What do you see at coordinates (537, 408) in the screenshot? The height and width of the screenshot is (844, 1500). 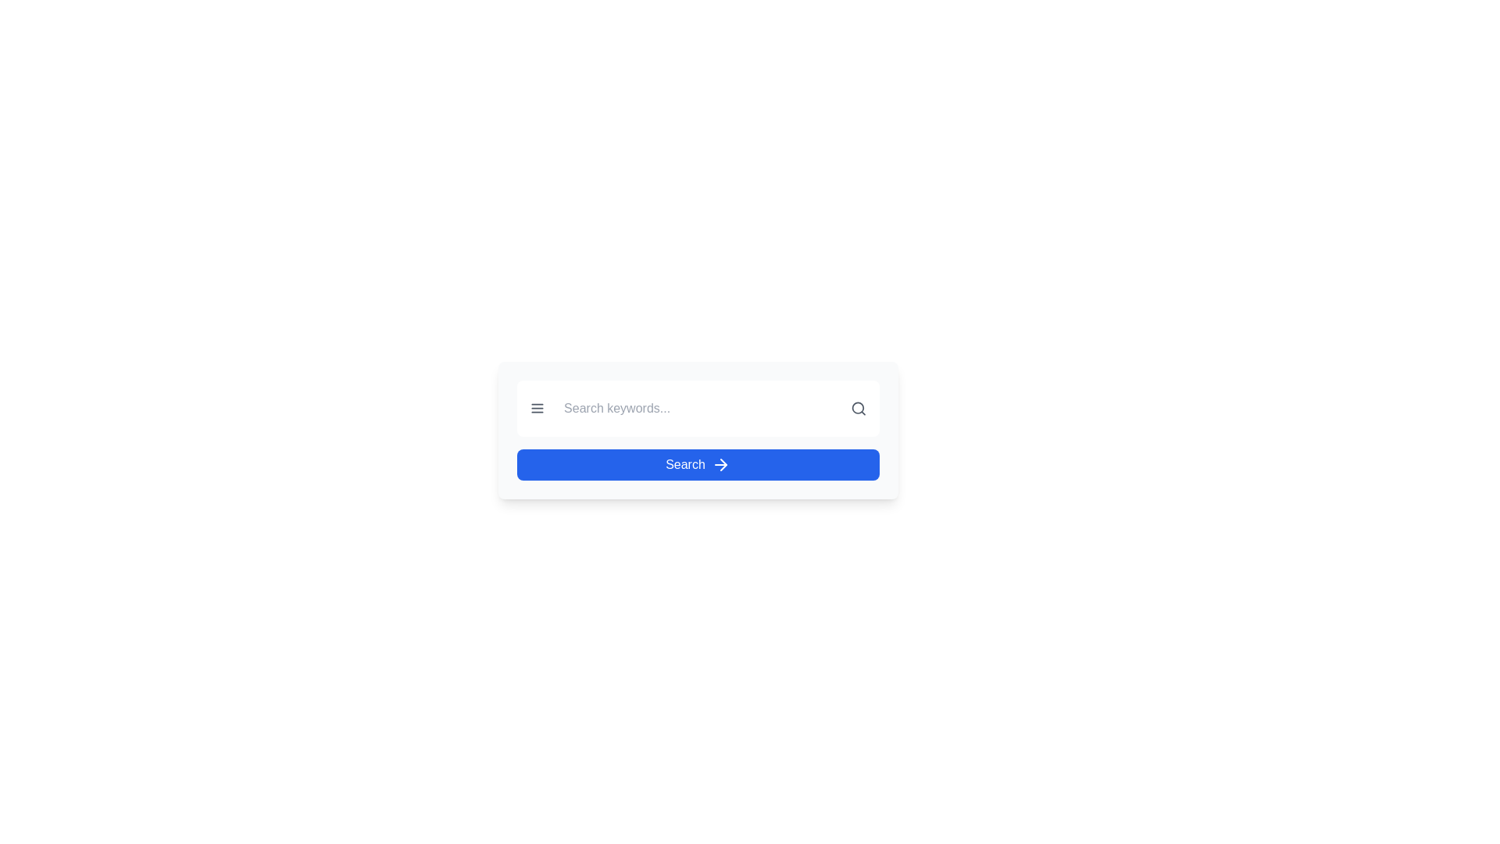 I see `the three-line menu icon, styled with a grayish color` at bounding box center [537, 408].